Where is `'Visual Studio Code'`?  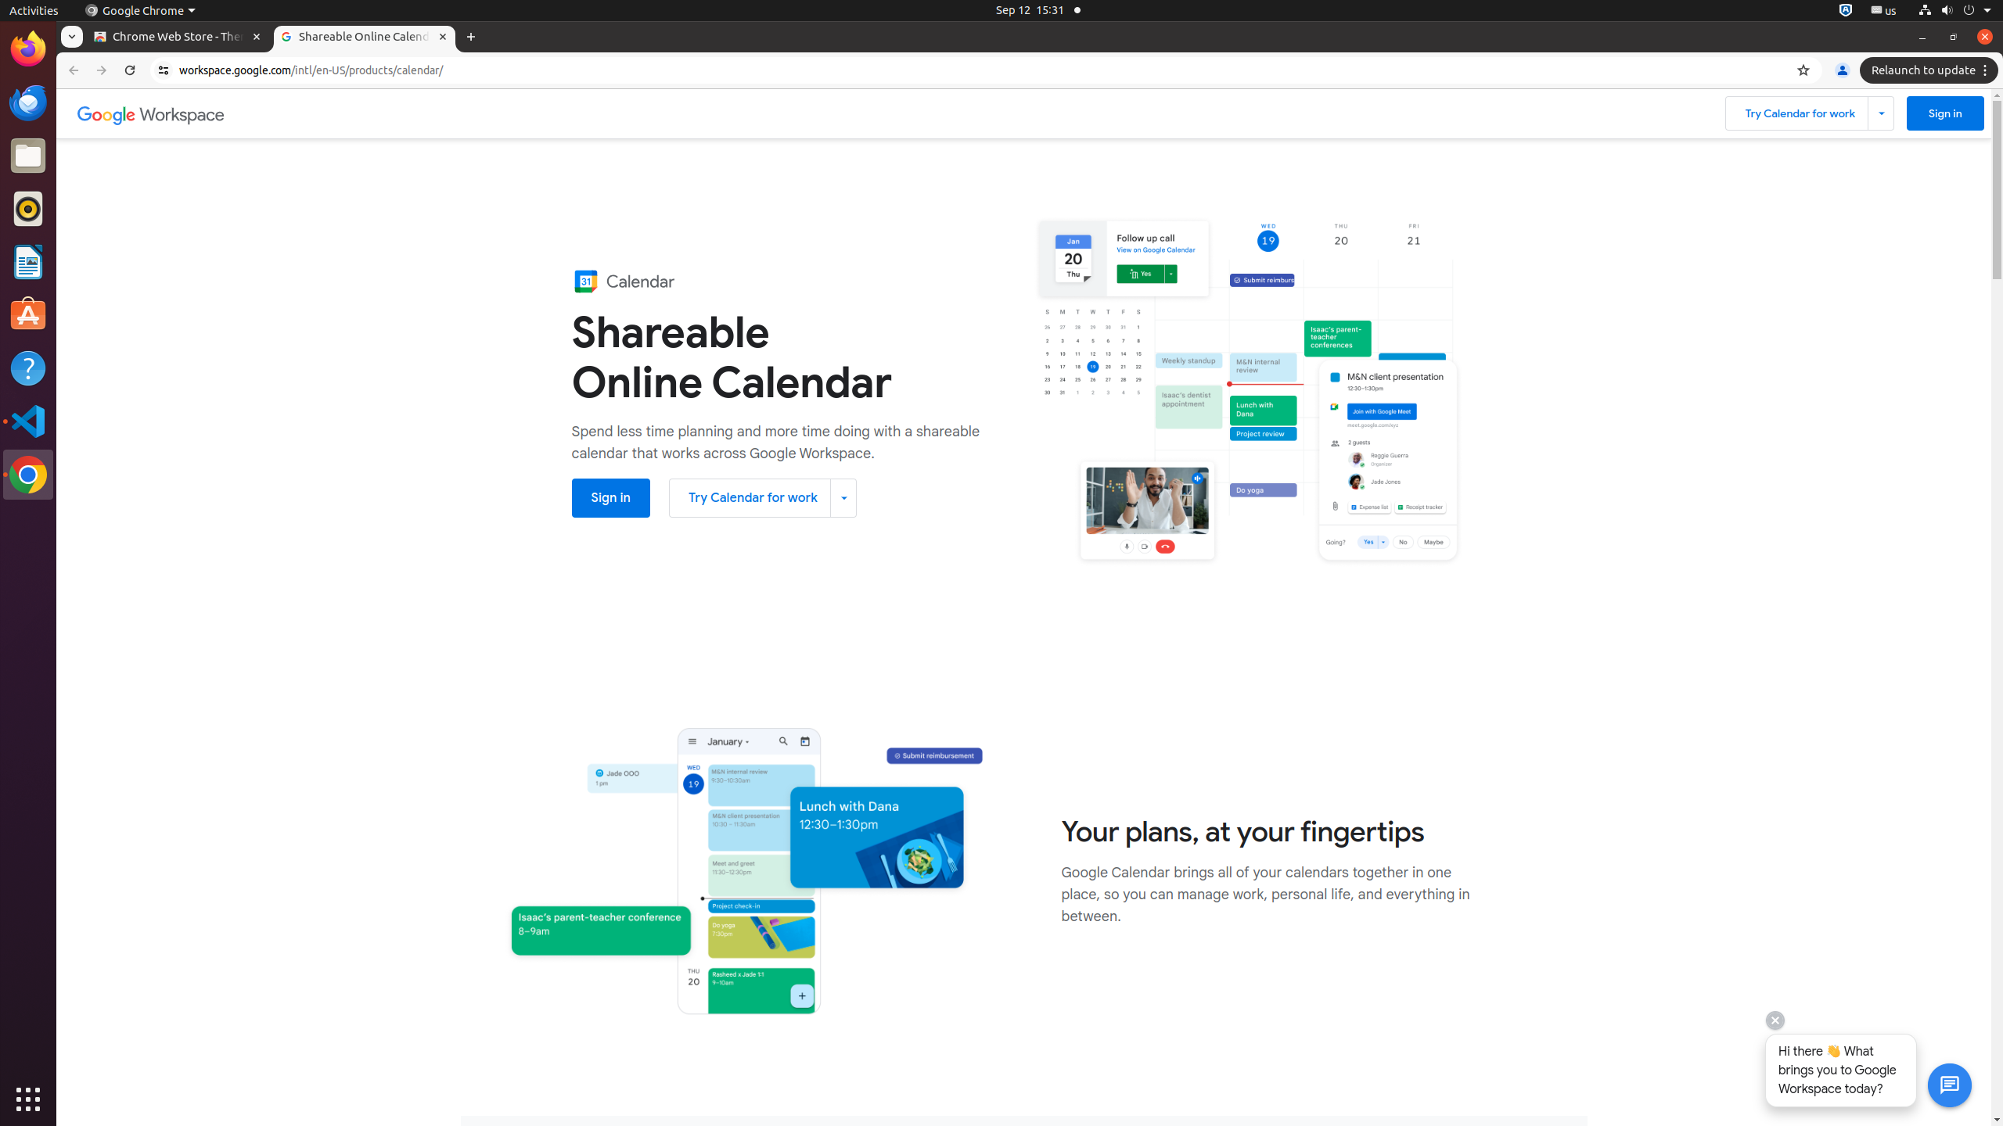
'Visual Studio Code' is located at coordinates (28, 420).